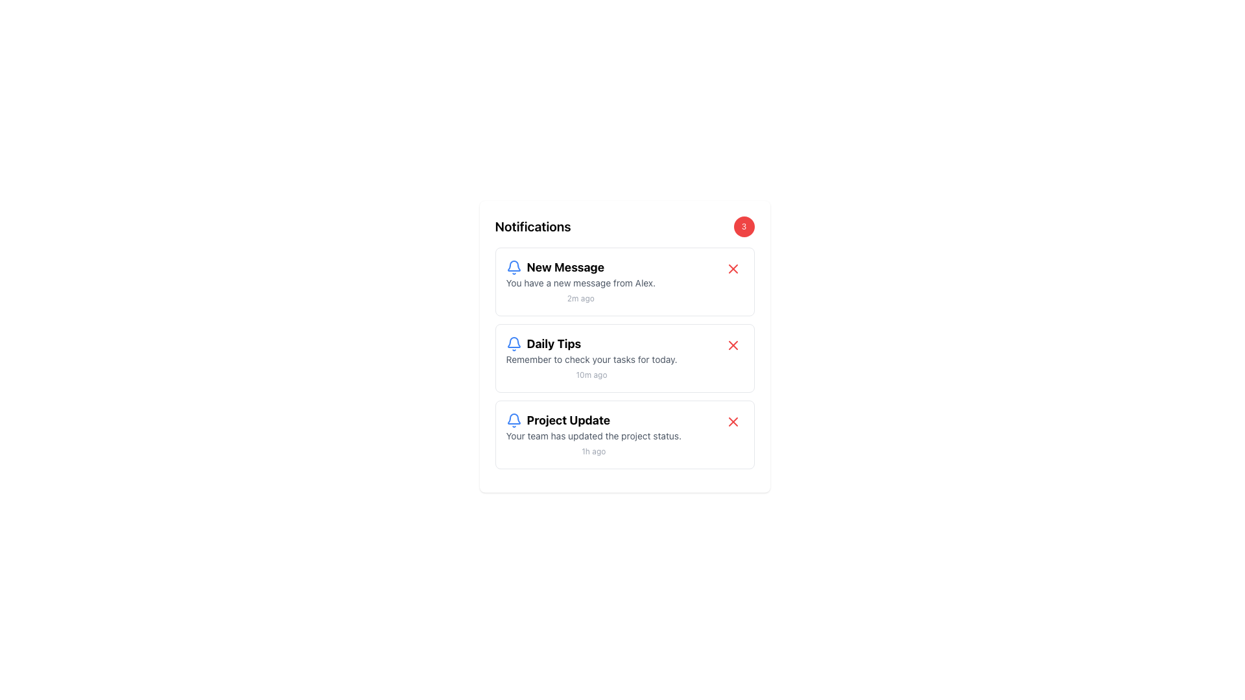 The width and height of the screenshot is (1245, 700). Describe the element at coordinates (580, 298) in the screenshot. I see `the static text label that indicates the timestamp of the notification, located within the 'New Message' notification card, specifically positioned below the message title and description` at that location.